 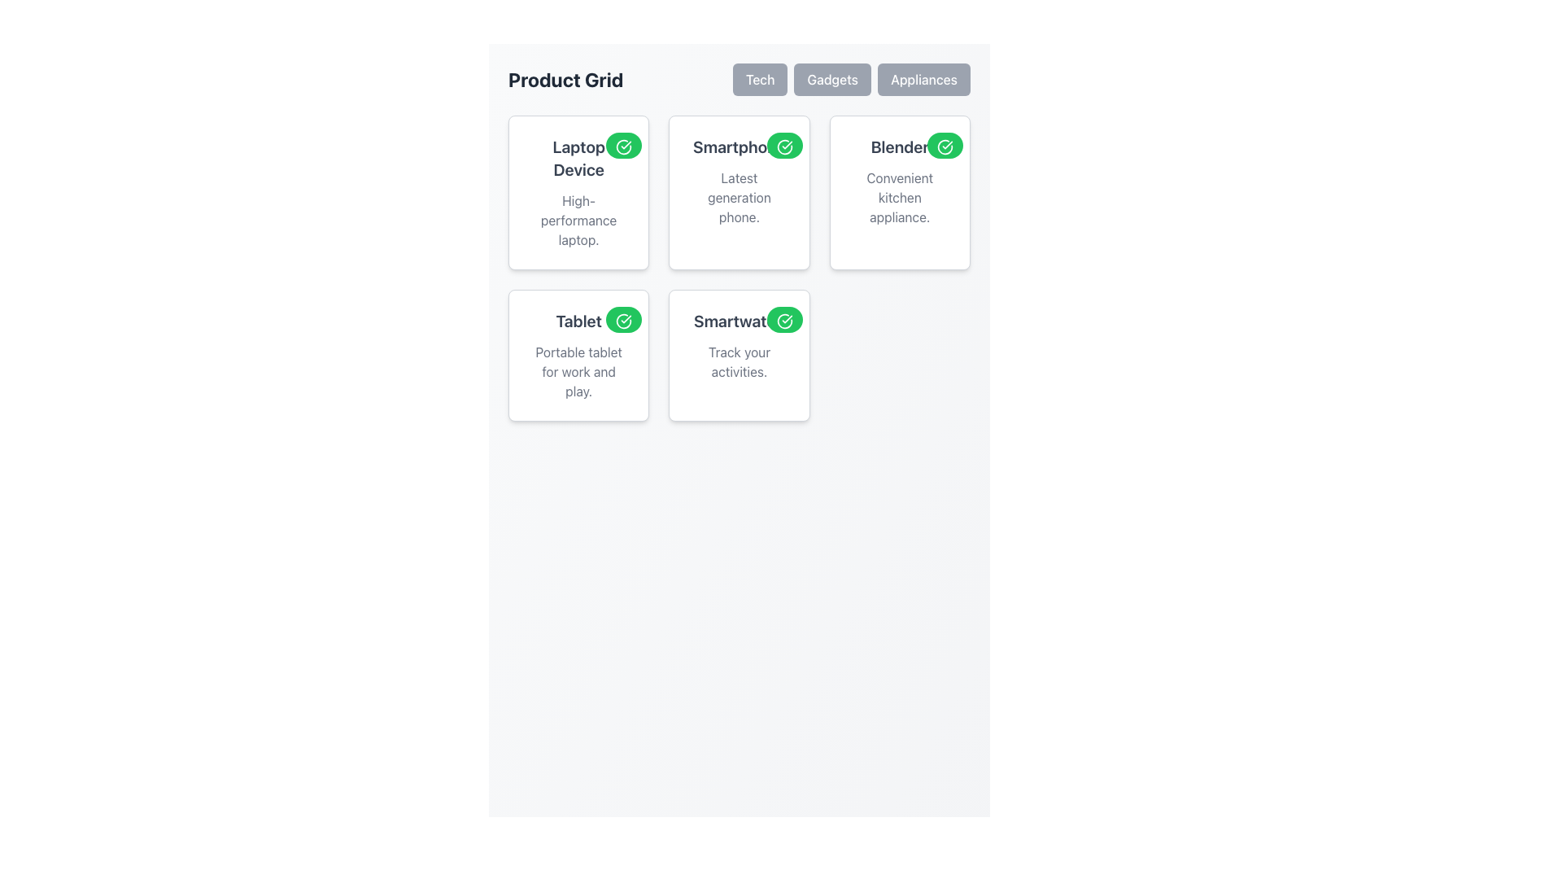 I want to click on the status indicator icon in the top-right corner of the 'Laptop Device' card, which signals that the product is available or selected, so click(x=623, y=146).